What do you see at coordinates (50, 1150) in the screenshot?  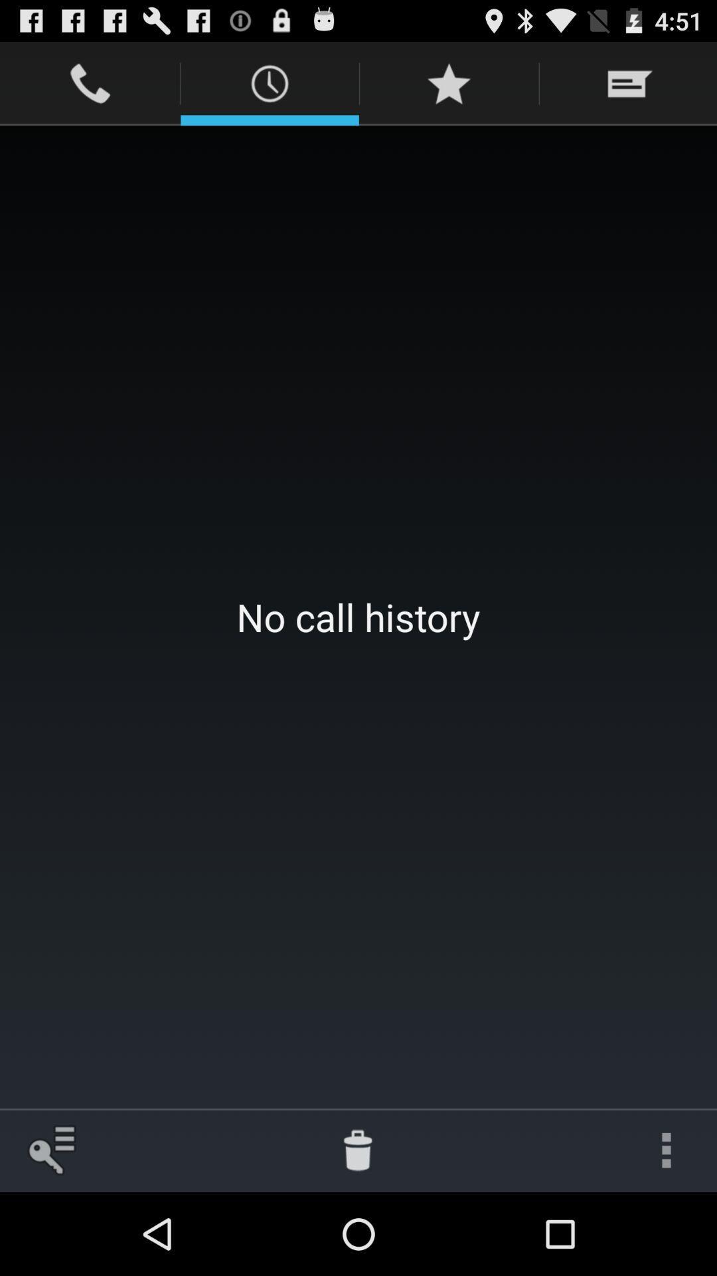 I see `icon at the bottom left corner` at bounding box center [50, 1150].